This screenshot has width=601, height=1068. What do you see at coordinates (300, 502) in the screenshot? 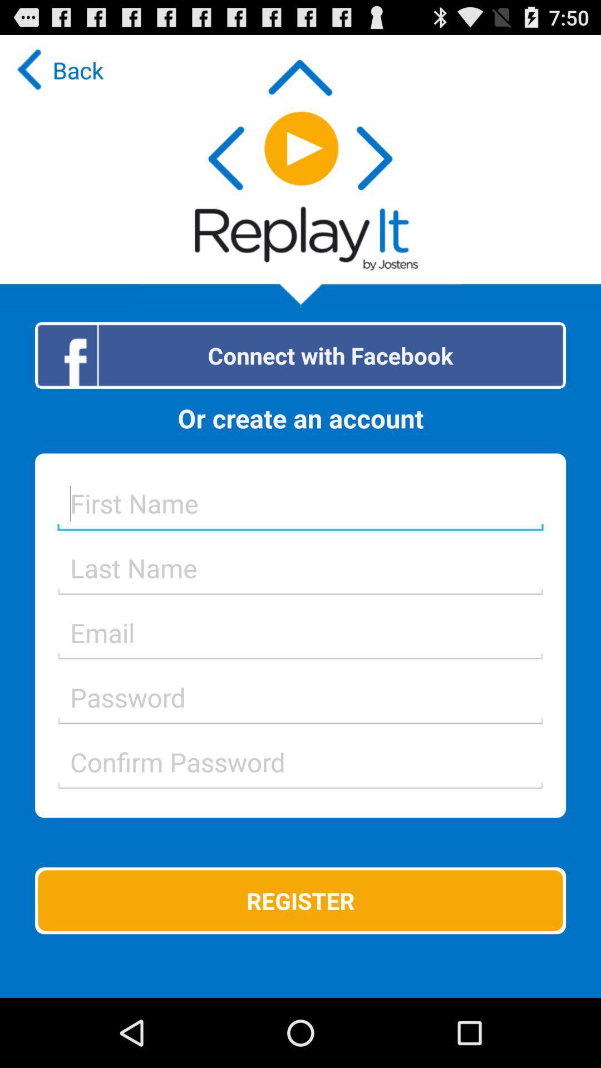
I see `first name` at bounding box center [300, 502].